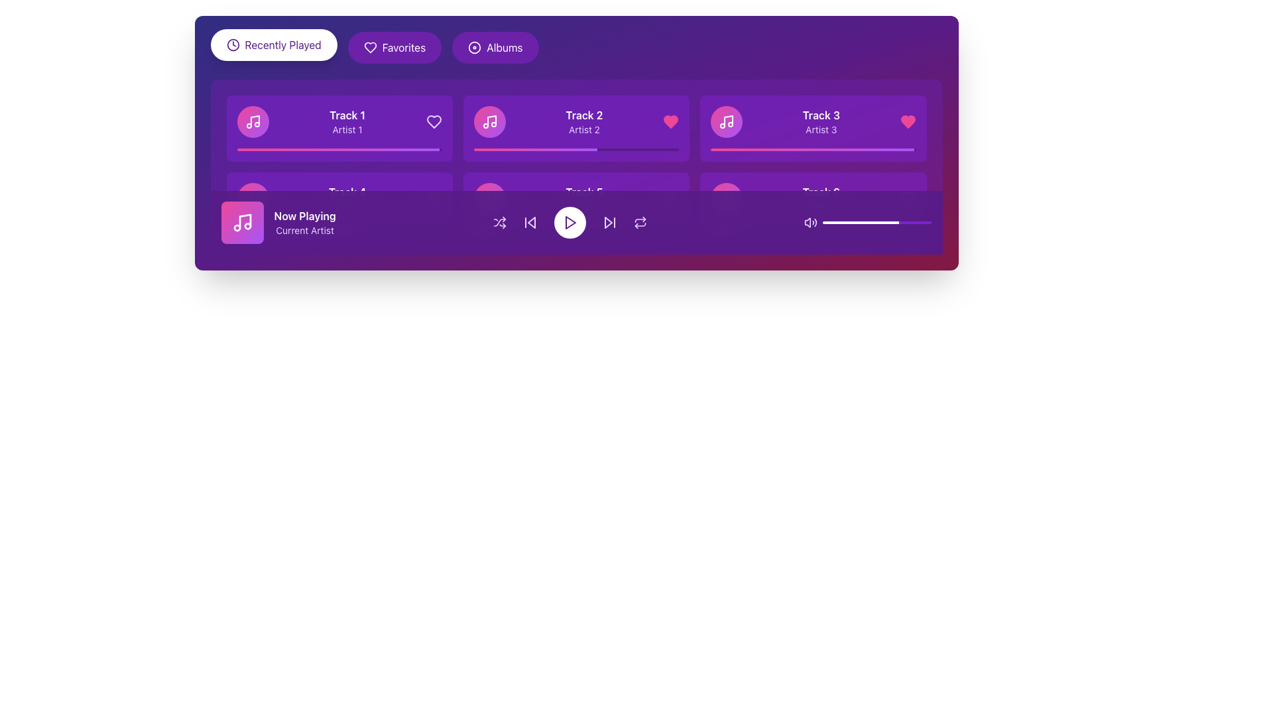  Describe the element at coordinates (304, 215) in the screenshot. I see `the Text label indicating the currently playing track in the playback controls area, positioned to the right of a music icon and above the 'Current Artist' text` at that location.